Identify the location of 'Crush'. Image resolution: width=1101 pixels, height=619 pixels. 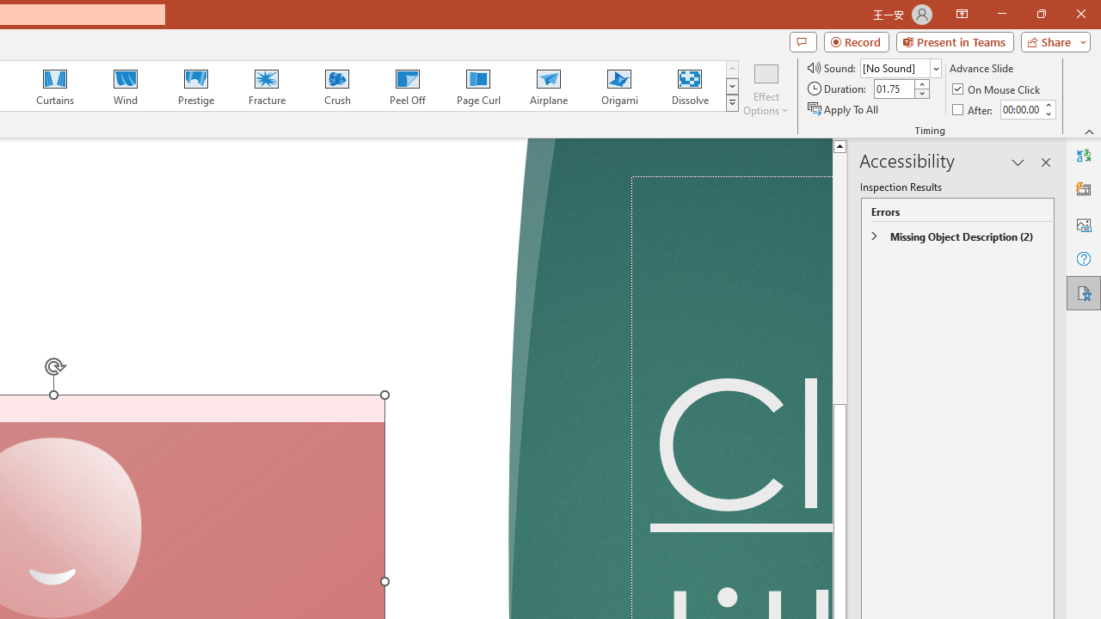
(336, 86).